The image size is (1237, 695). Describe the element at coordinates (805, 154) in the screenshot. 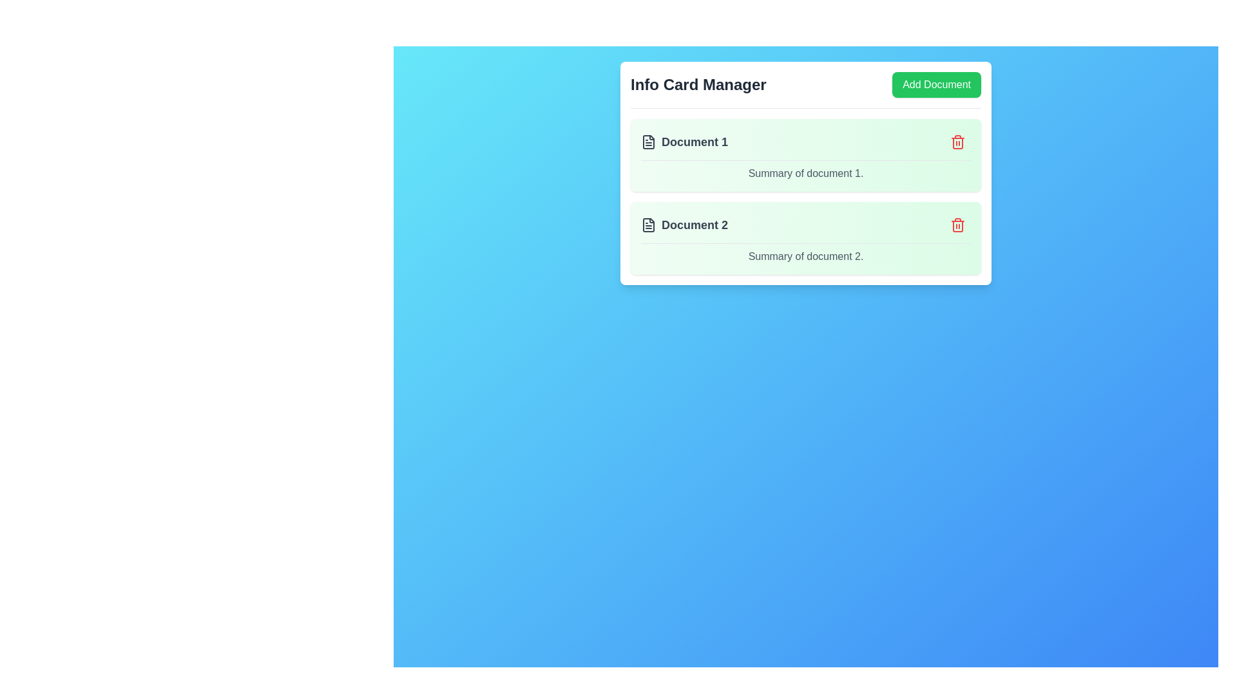

I see `summary of 'Document 1' from the information card, which is the first card in the list, containing the subtitle 'Summary of document 1.'` at that location.